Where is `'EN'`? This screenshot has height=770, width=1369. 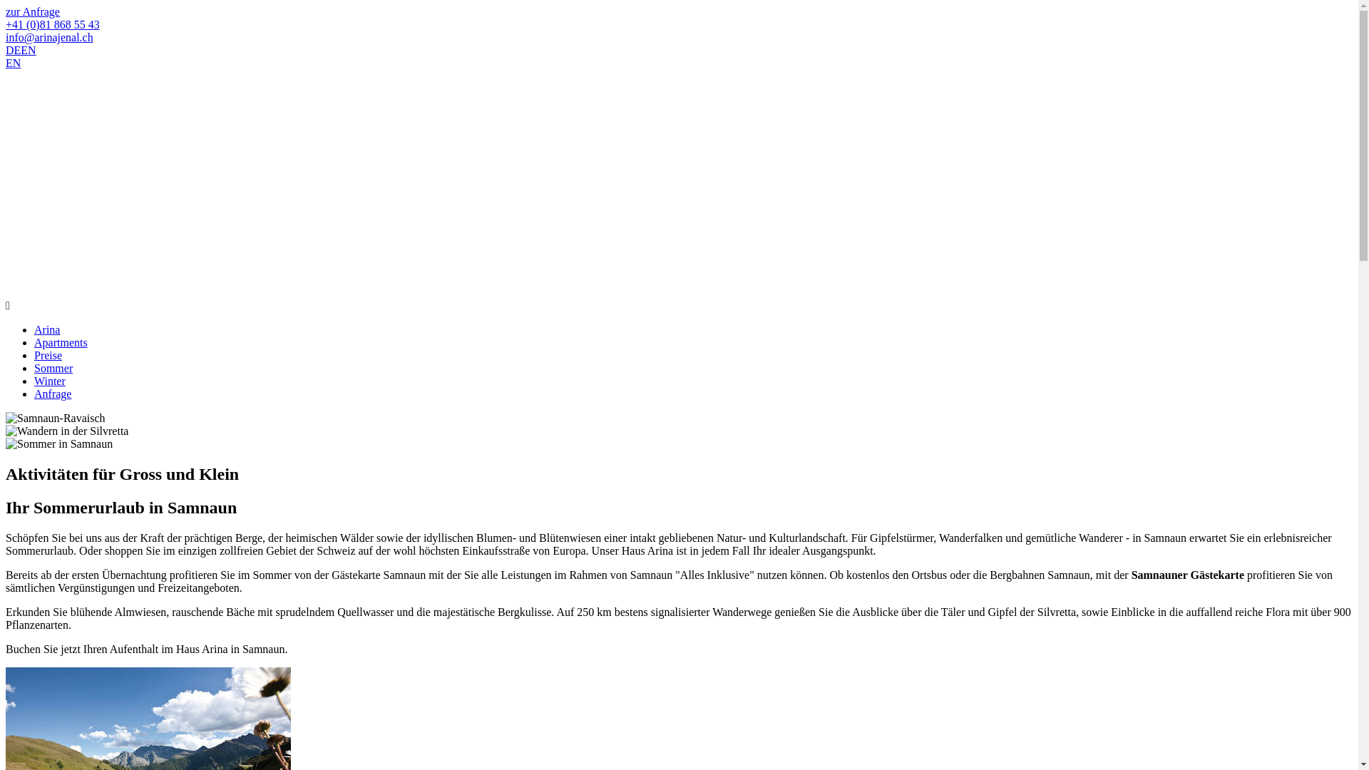 'EN' is located at coordinates (28, 49).